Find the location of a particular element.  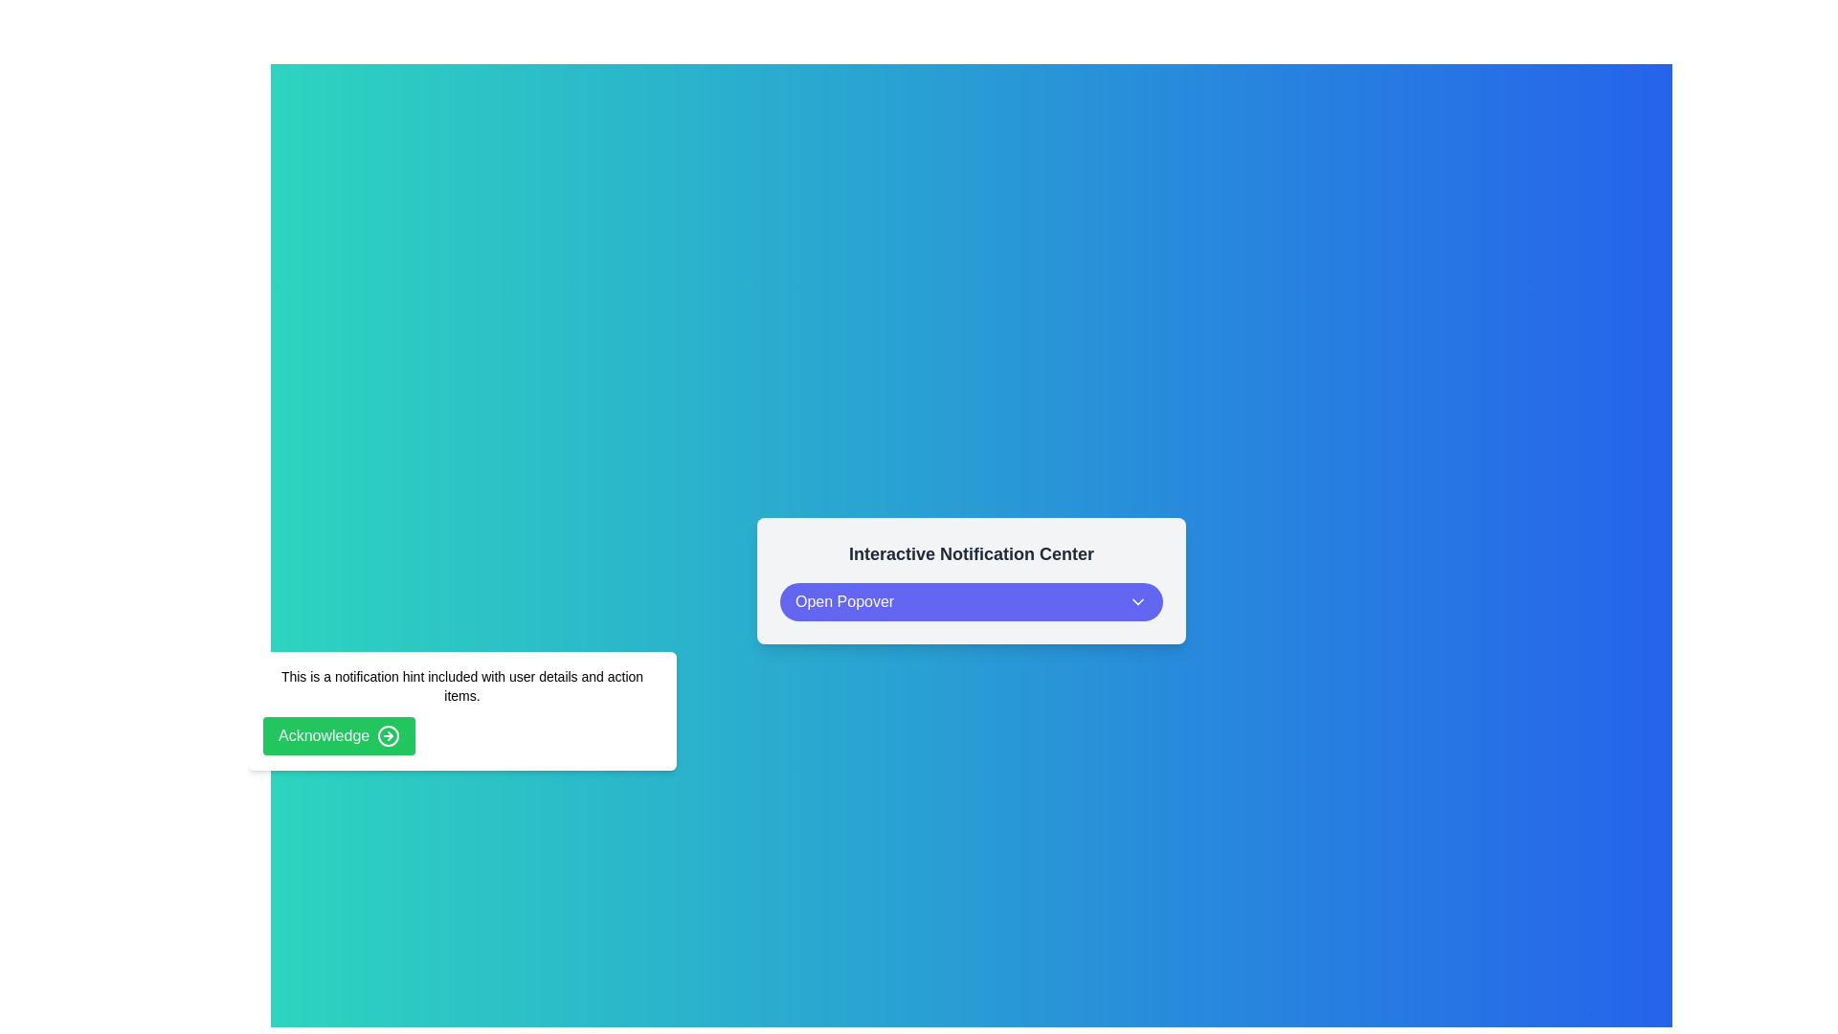

the green 'Acknowledge' action button in the white notification panel to acknowledge the notification is located at coordinates (462, 711).